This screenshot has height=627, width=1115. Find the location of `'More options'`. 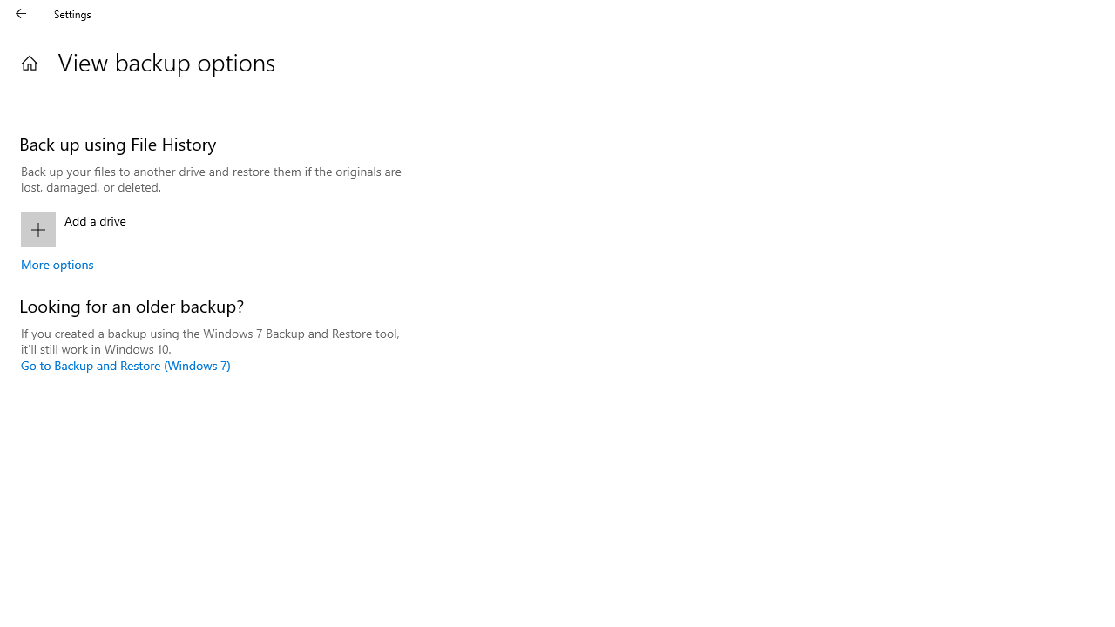

'More options' is located at coordinates (57, 264).